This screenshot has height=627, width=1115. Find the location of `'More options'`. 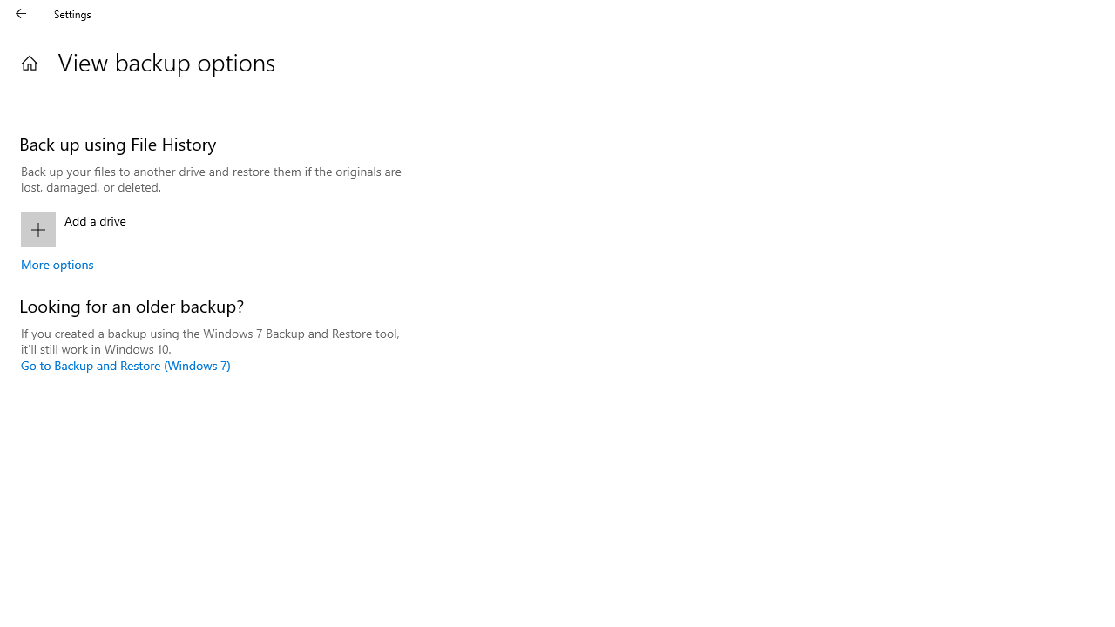

'More options' is located at coordinates (57, 264).